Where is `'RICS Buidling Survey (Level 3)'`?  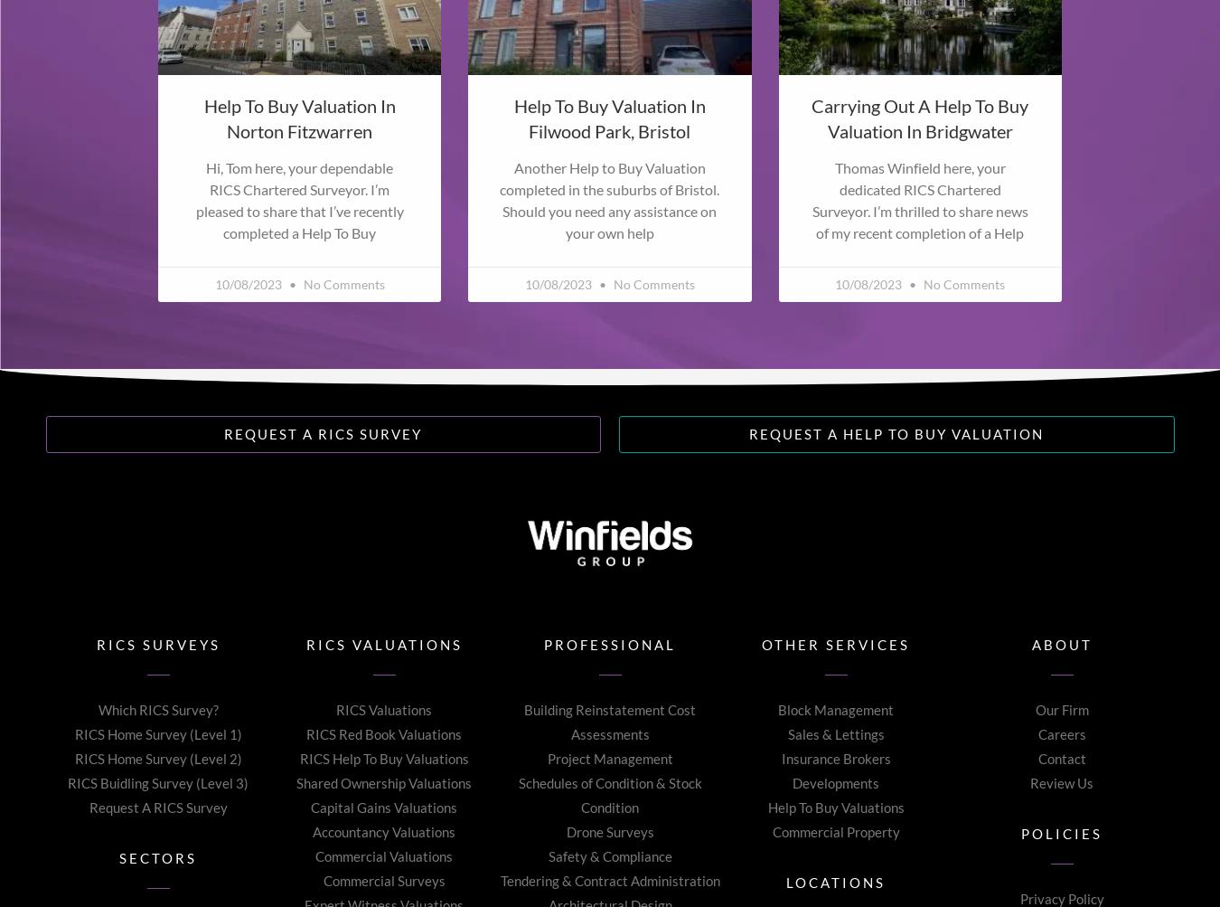
'RICS Buidling Survey (Level 3)' is located at coordinates (157, 782).